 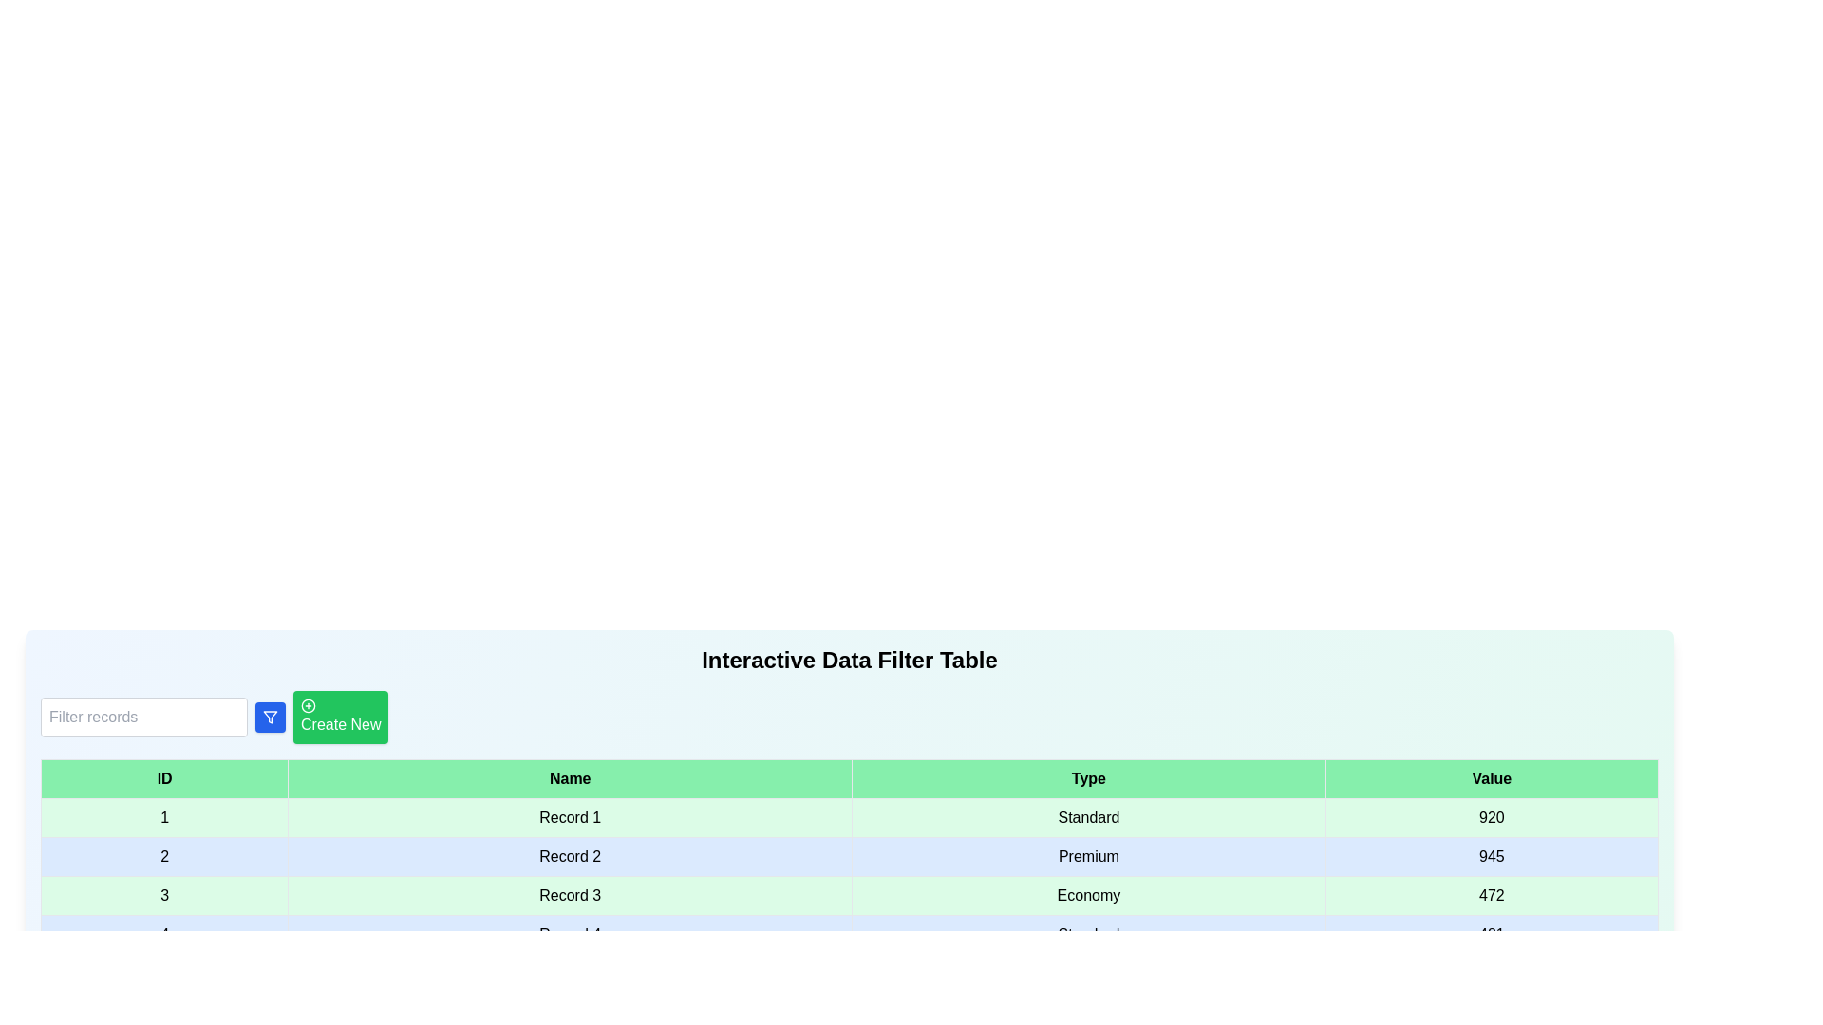 I want to click on the column header ID to sort the table by that column, so click(x=164, y=779).